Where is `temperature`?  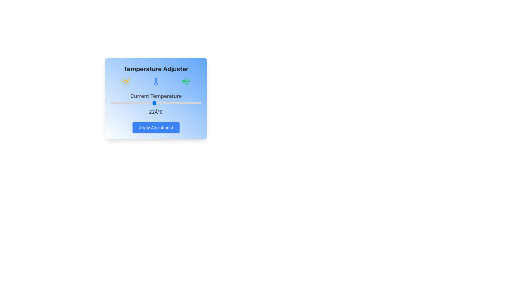 temperature is located at coordinates (172, 103).